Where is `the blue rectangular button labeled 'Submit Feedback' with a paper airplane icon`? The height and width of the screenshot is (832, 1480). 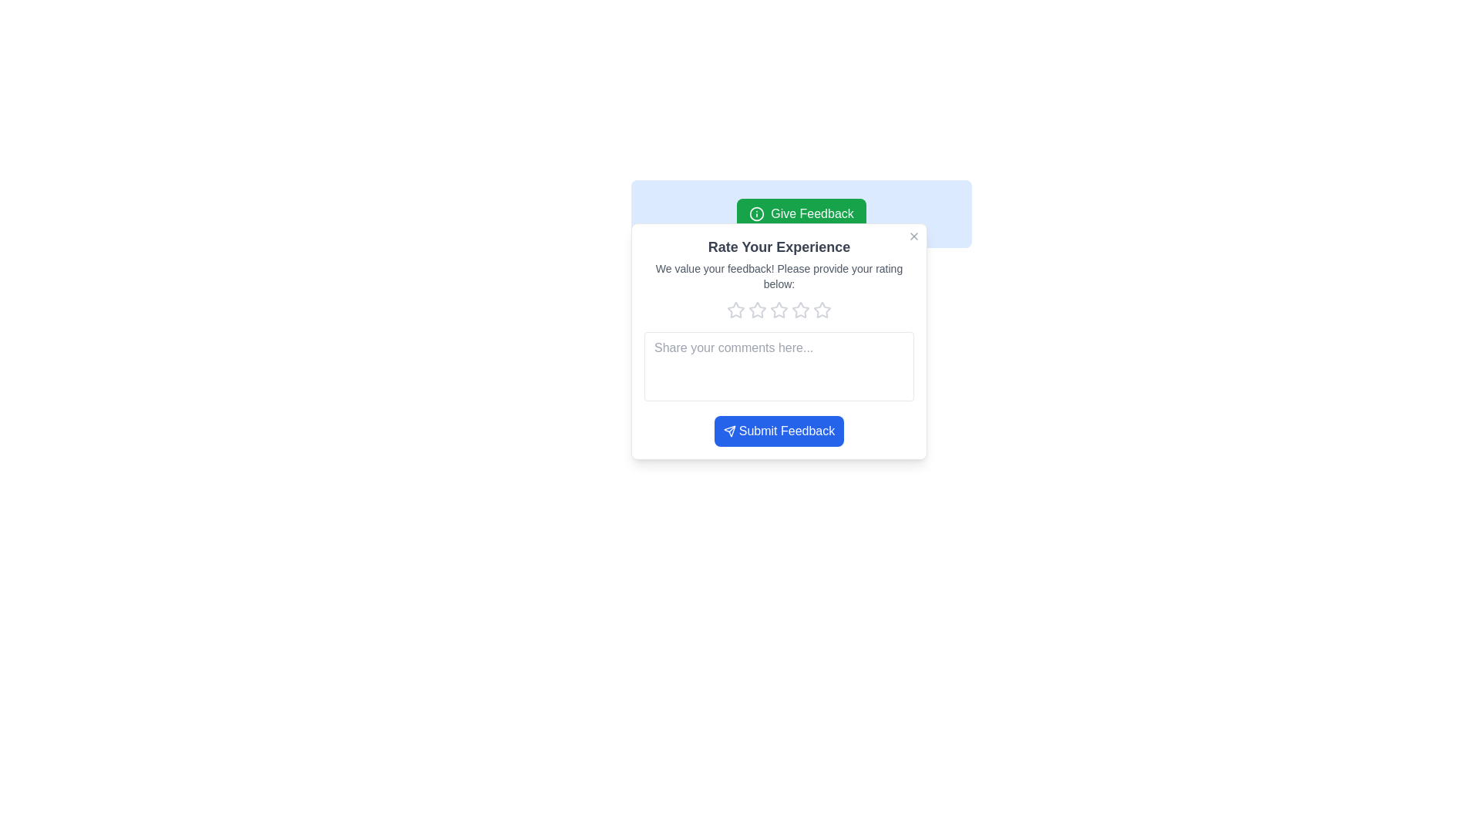
the blue rectangular button labeled 'Submit Feedback' with a paper airplane icon is located at coordinates (779, 431).